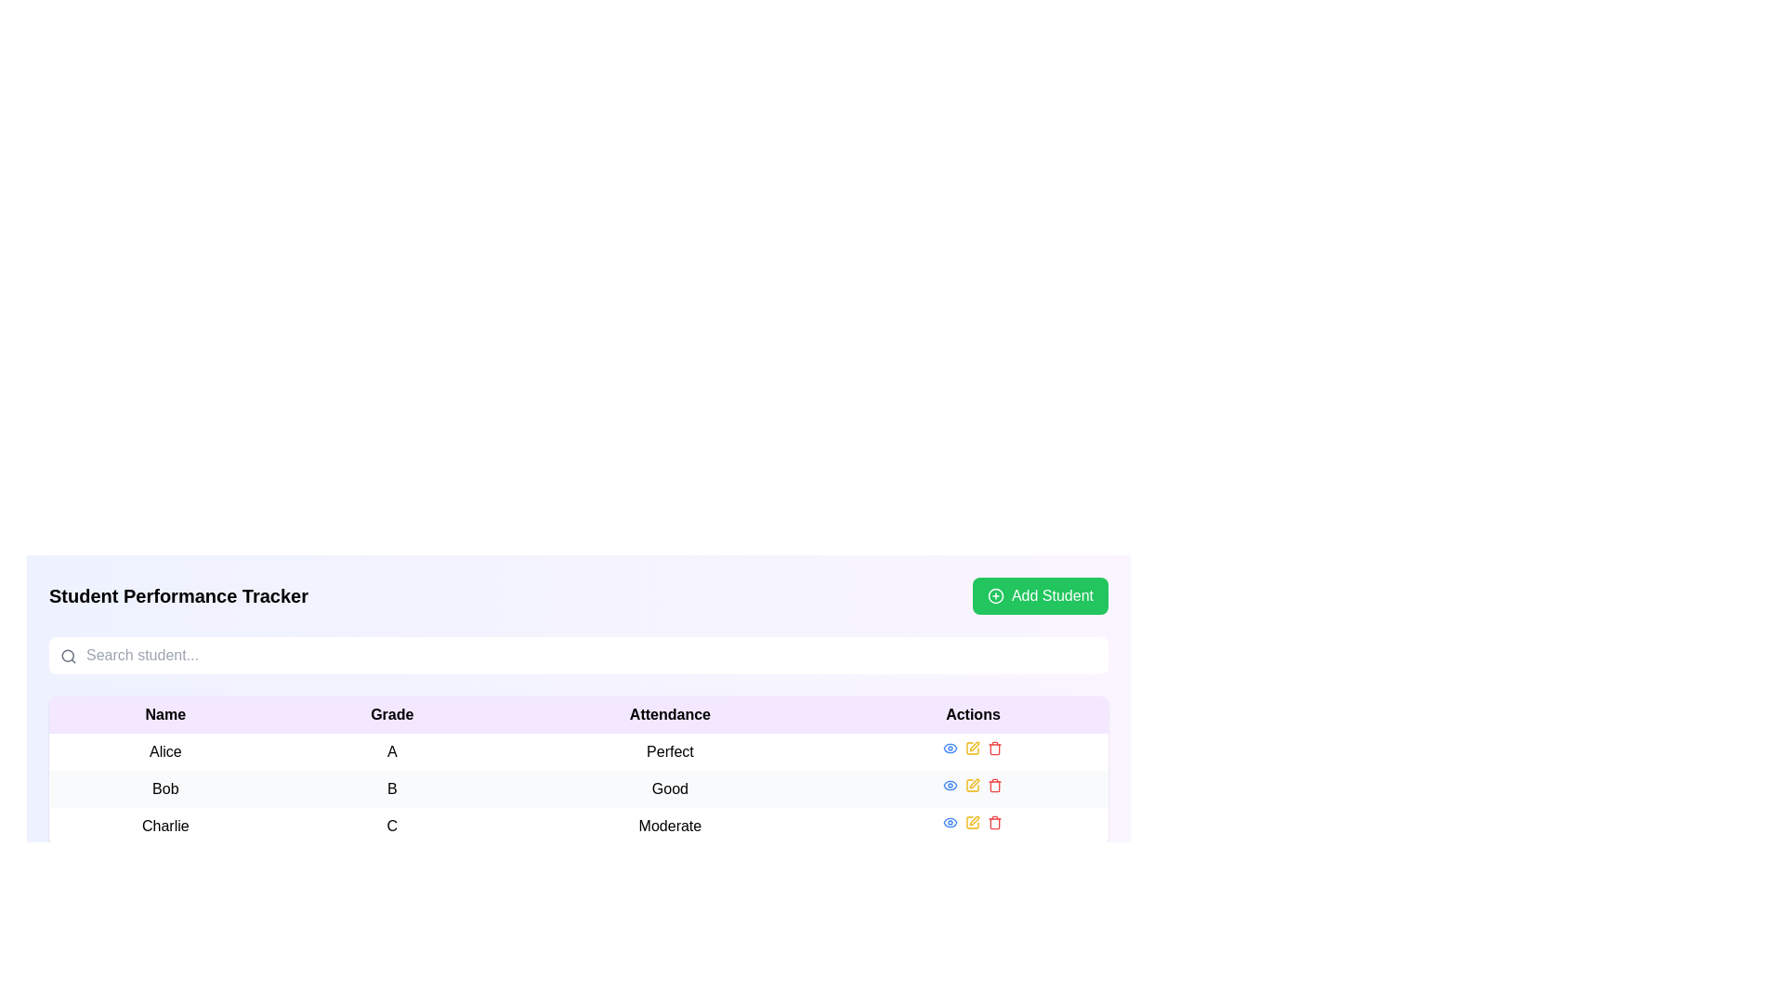  I want to click on the icon button located in the last row of the 'Actions' column of the table to initiate editing actions, so click(972, 822).